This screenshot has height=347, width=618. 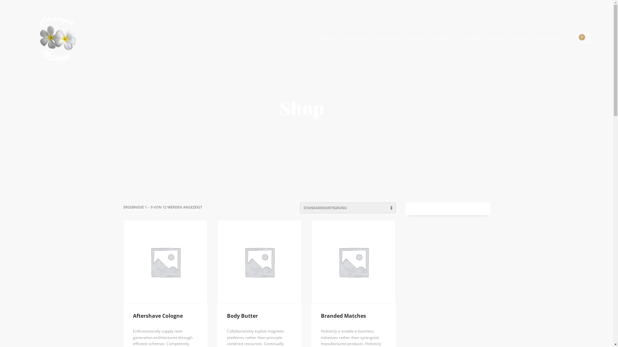 I want to click on 'Online Termin', so click(x=486, y=38).